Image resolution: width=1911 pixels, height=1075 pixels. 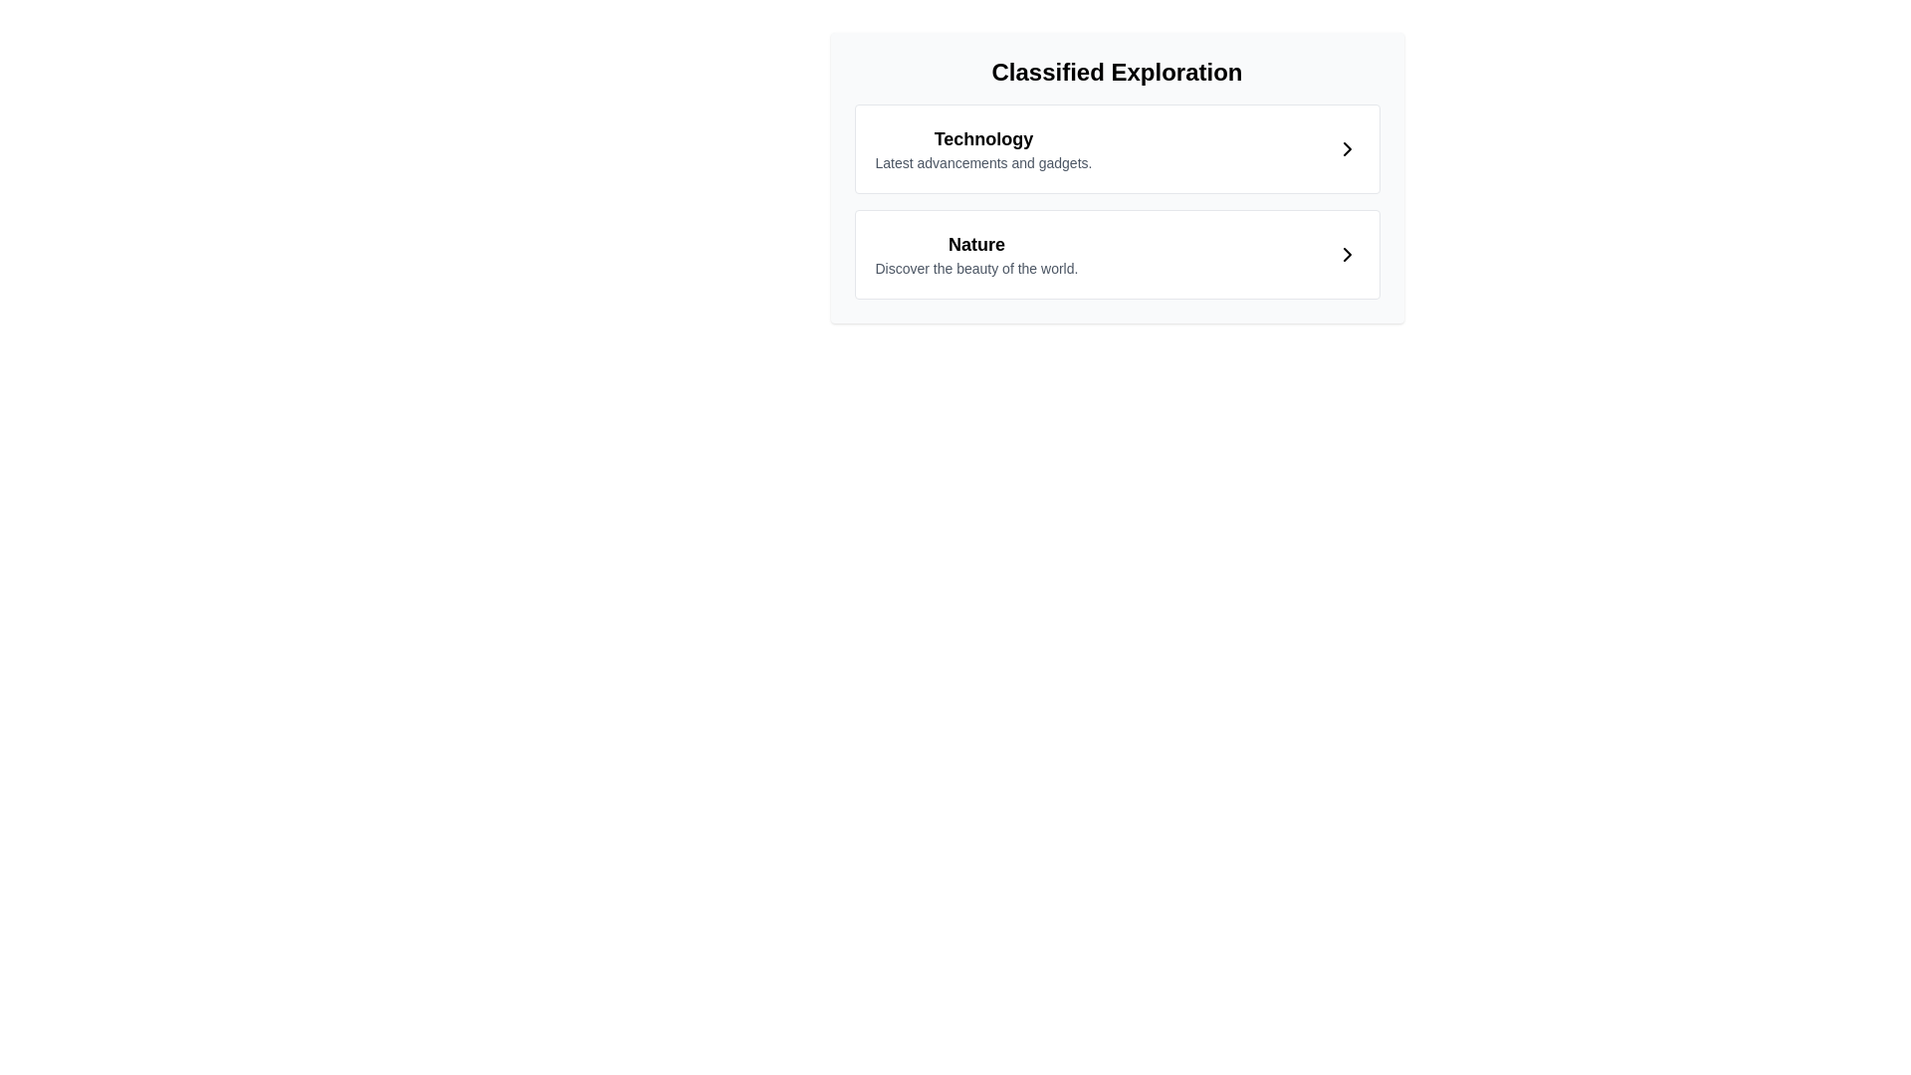 I want to click on prominently styled text display reading 'Classified Exploration' located at the top of the card layout, so click(x=1117, y=72).